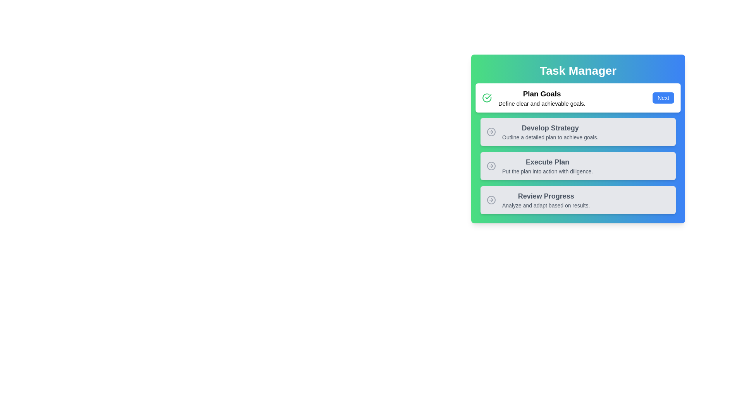 The width and height of the screenshot is (744, 418). Describe the element at coordinates (578, 70) in the screenshot. I see `the 'Task Manager' heading, which is styled with bold, white text in a large font size and is centered horizontally within a gradient background that shifts from green to blue` at that location.